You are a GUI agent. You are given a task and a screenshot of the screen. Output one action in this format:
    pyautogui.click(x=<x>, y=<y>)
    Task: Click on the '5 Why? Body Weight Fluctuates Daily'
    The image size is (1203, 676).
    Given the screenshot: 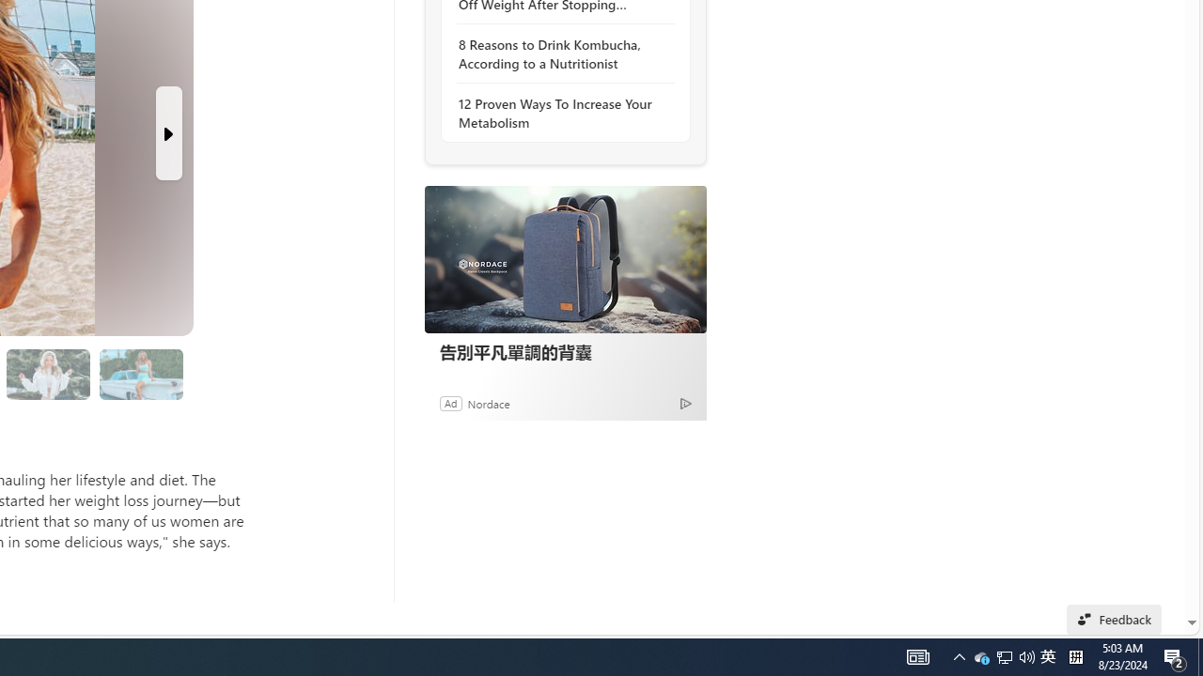 What is the action you would take?
    pyautogui.click(x=48, y=375)
    